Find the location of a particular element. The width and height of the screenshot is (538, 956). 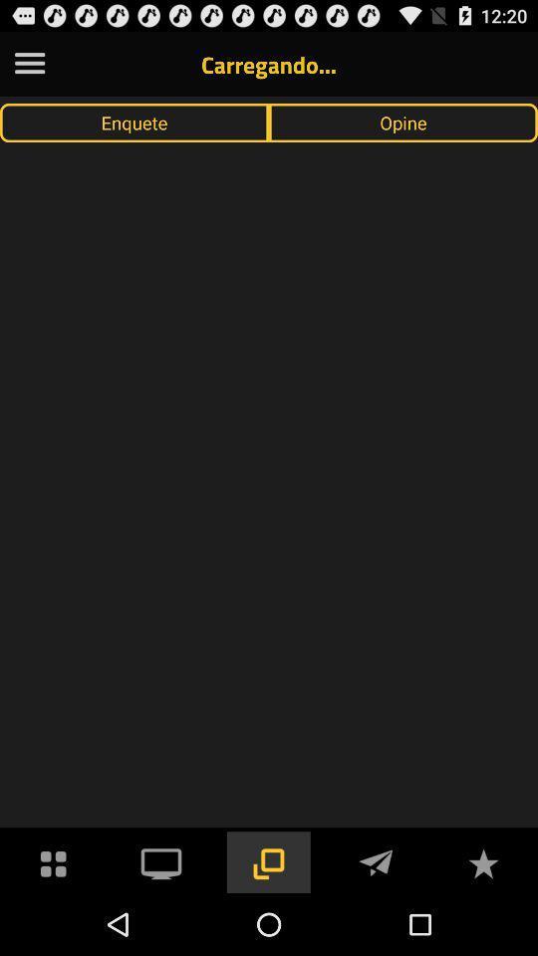

the opine button is located at coordinates (403, 121).